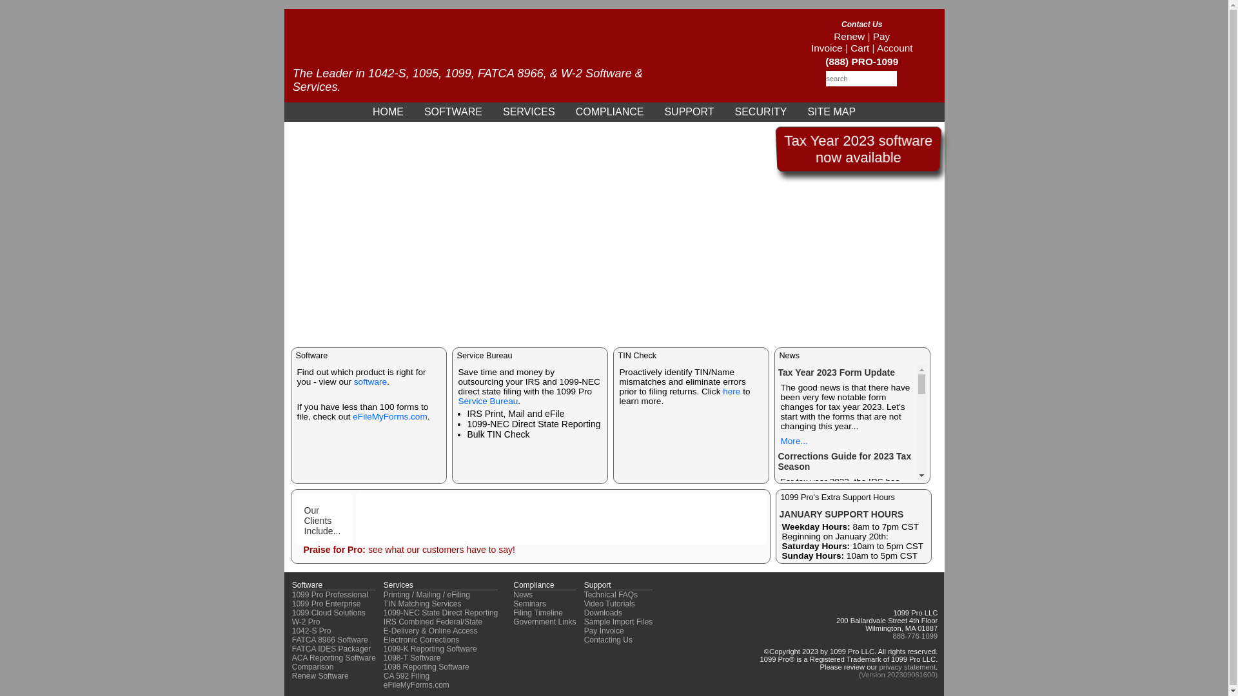  What do you see at coordinates (850, 41) in the screenshot?
I see `'Pay Invoice'` at bounding box center [850, 41].